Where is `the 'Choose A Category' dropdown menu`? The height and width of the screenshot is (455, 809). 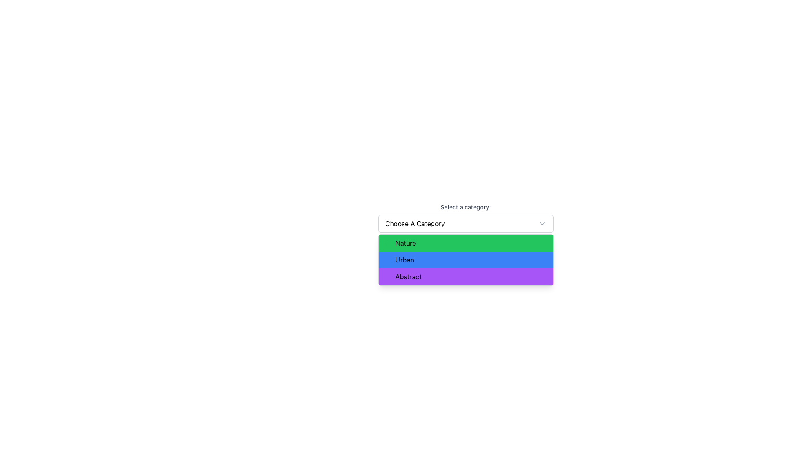 the 'Choose A Category' dropdown menu is located at coordinates (465, 223).